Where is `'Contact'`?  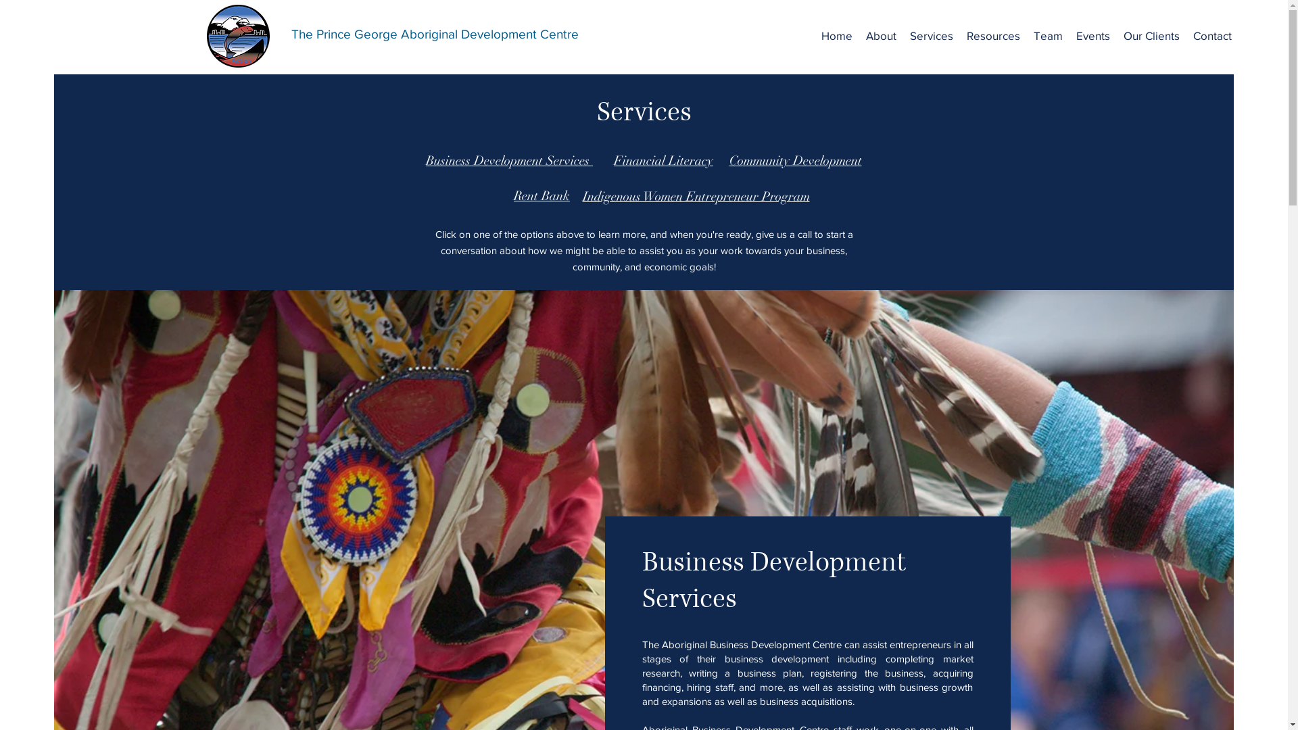
'Contact' is located at coordinates (1212, 35).